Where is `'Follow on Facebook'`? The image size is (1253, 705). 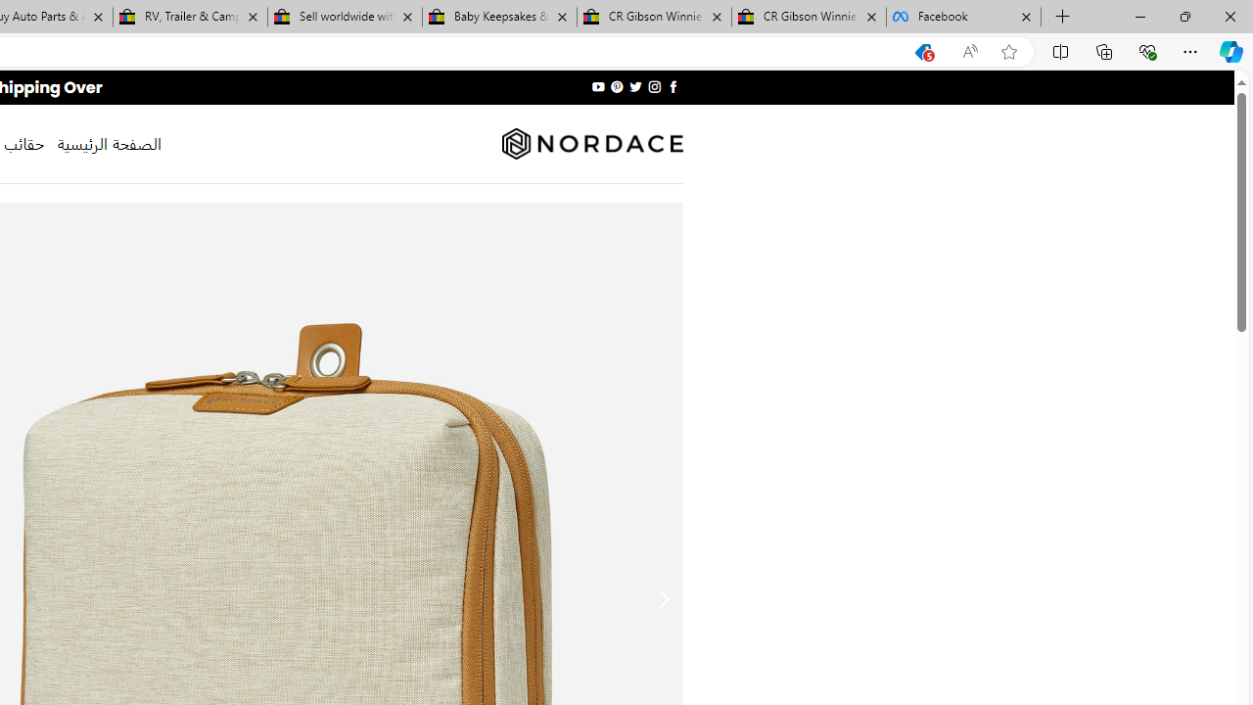
'Follow on Facebook' is located at coordinates (673, 86).